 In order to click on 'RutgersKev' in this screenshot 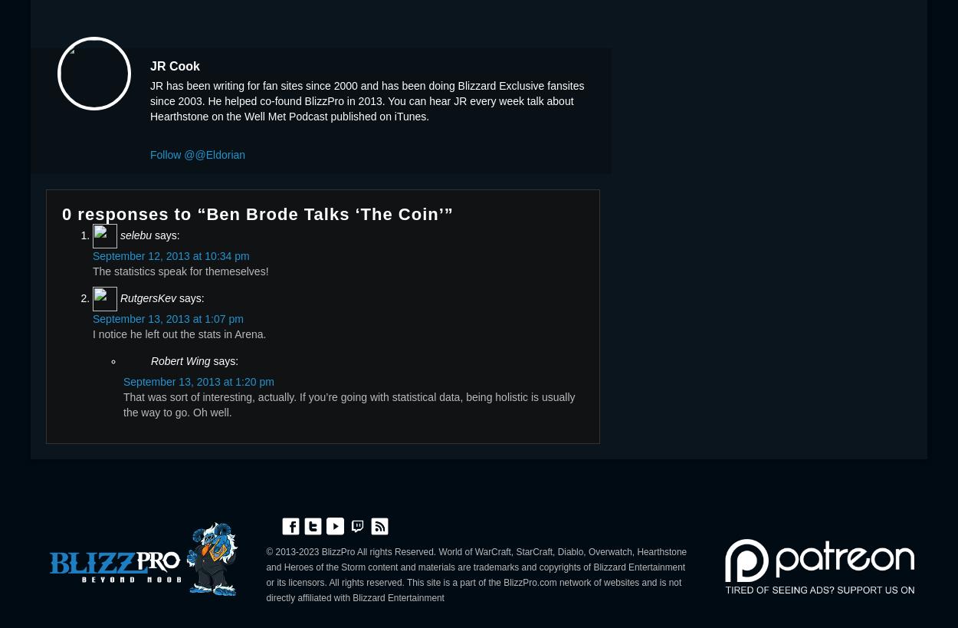, I will do `click(120, 296)`.